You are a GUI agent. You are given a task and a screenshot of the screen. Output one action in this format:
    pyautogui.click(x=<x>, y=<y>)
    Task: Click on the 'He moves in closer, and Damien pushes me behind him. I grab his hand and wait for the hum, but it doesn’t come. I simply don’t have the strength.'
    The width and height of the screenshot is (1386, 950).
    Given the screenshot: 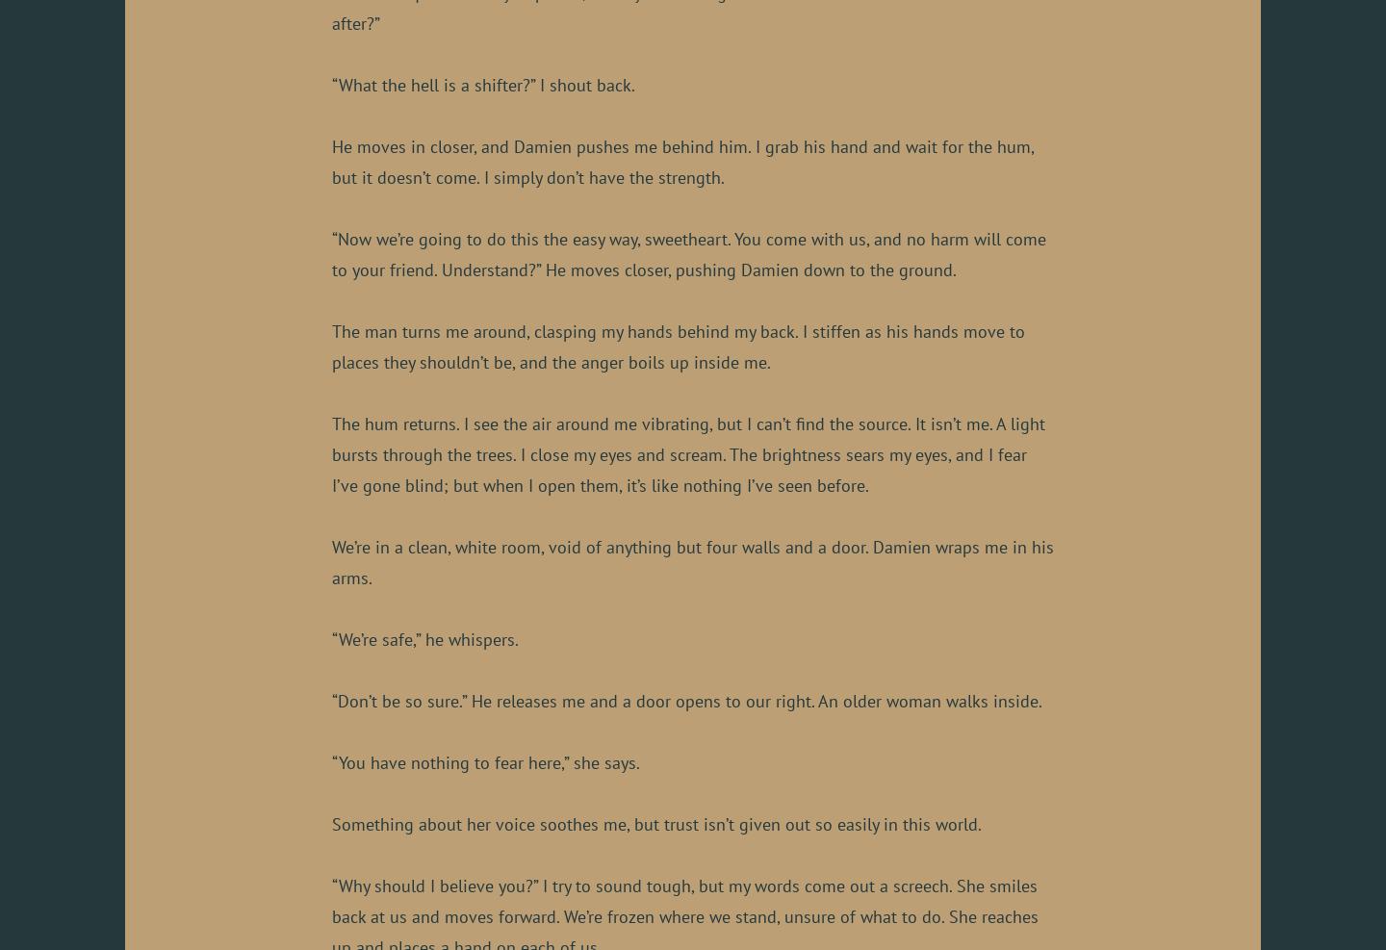 What is the action you would take?
    pyautogui.click(x=682, y=160)
    